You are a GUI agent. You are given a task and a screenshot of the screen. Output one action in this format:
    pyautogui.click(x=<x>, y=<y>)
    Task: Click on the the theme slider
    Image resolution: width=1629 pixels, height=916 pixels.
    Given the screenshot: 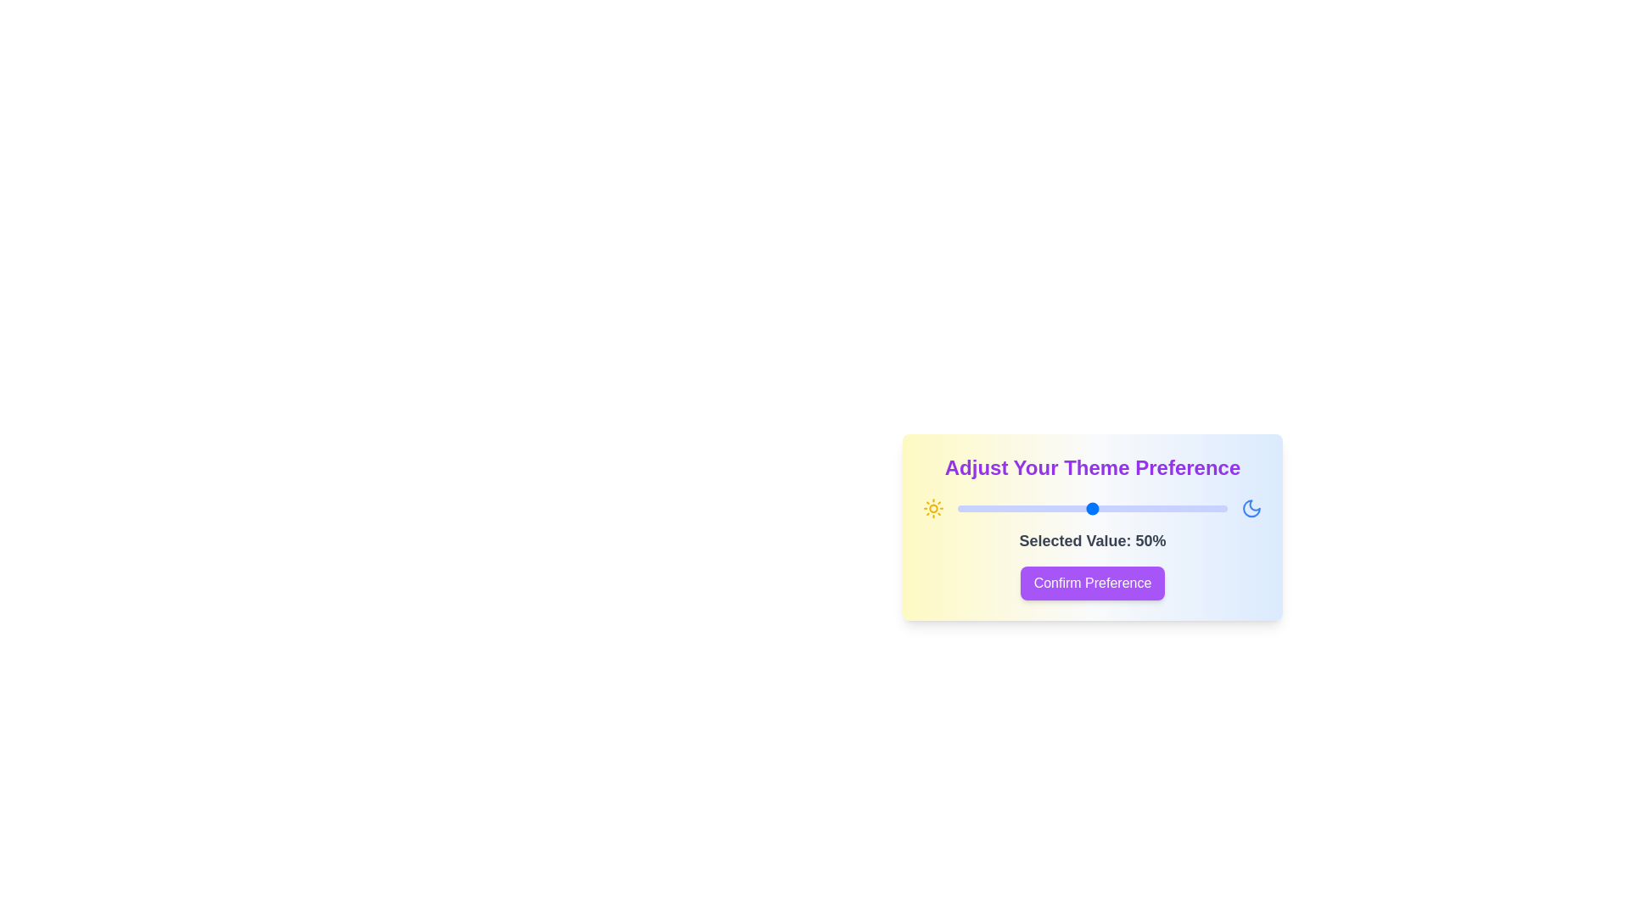 What is the action you would take?
    pyautogui.click(x=969, y=508)
    